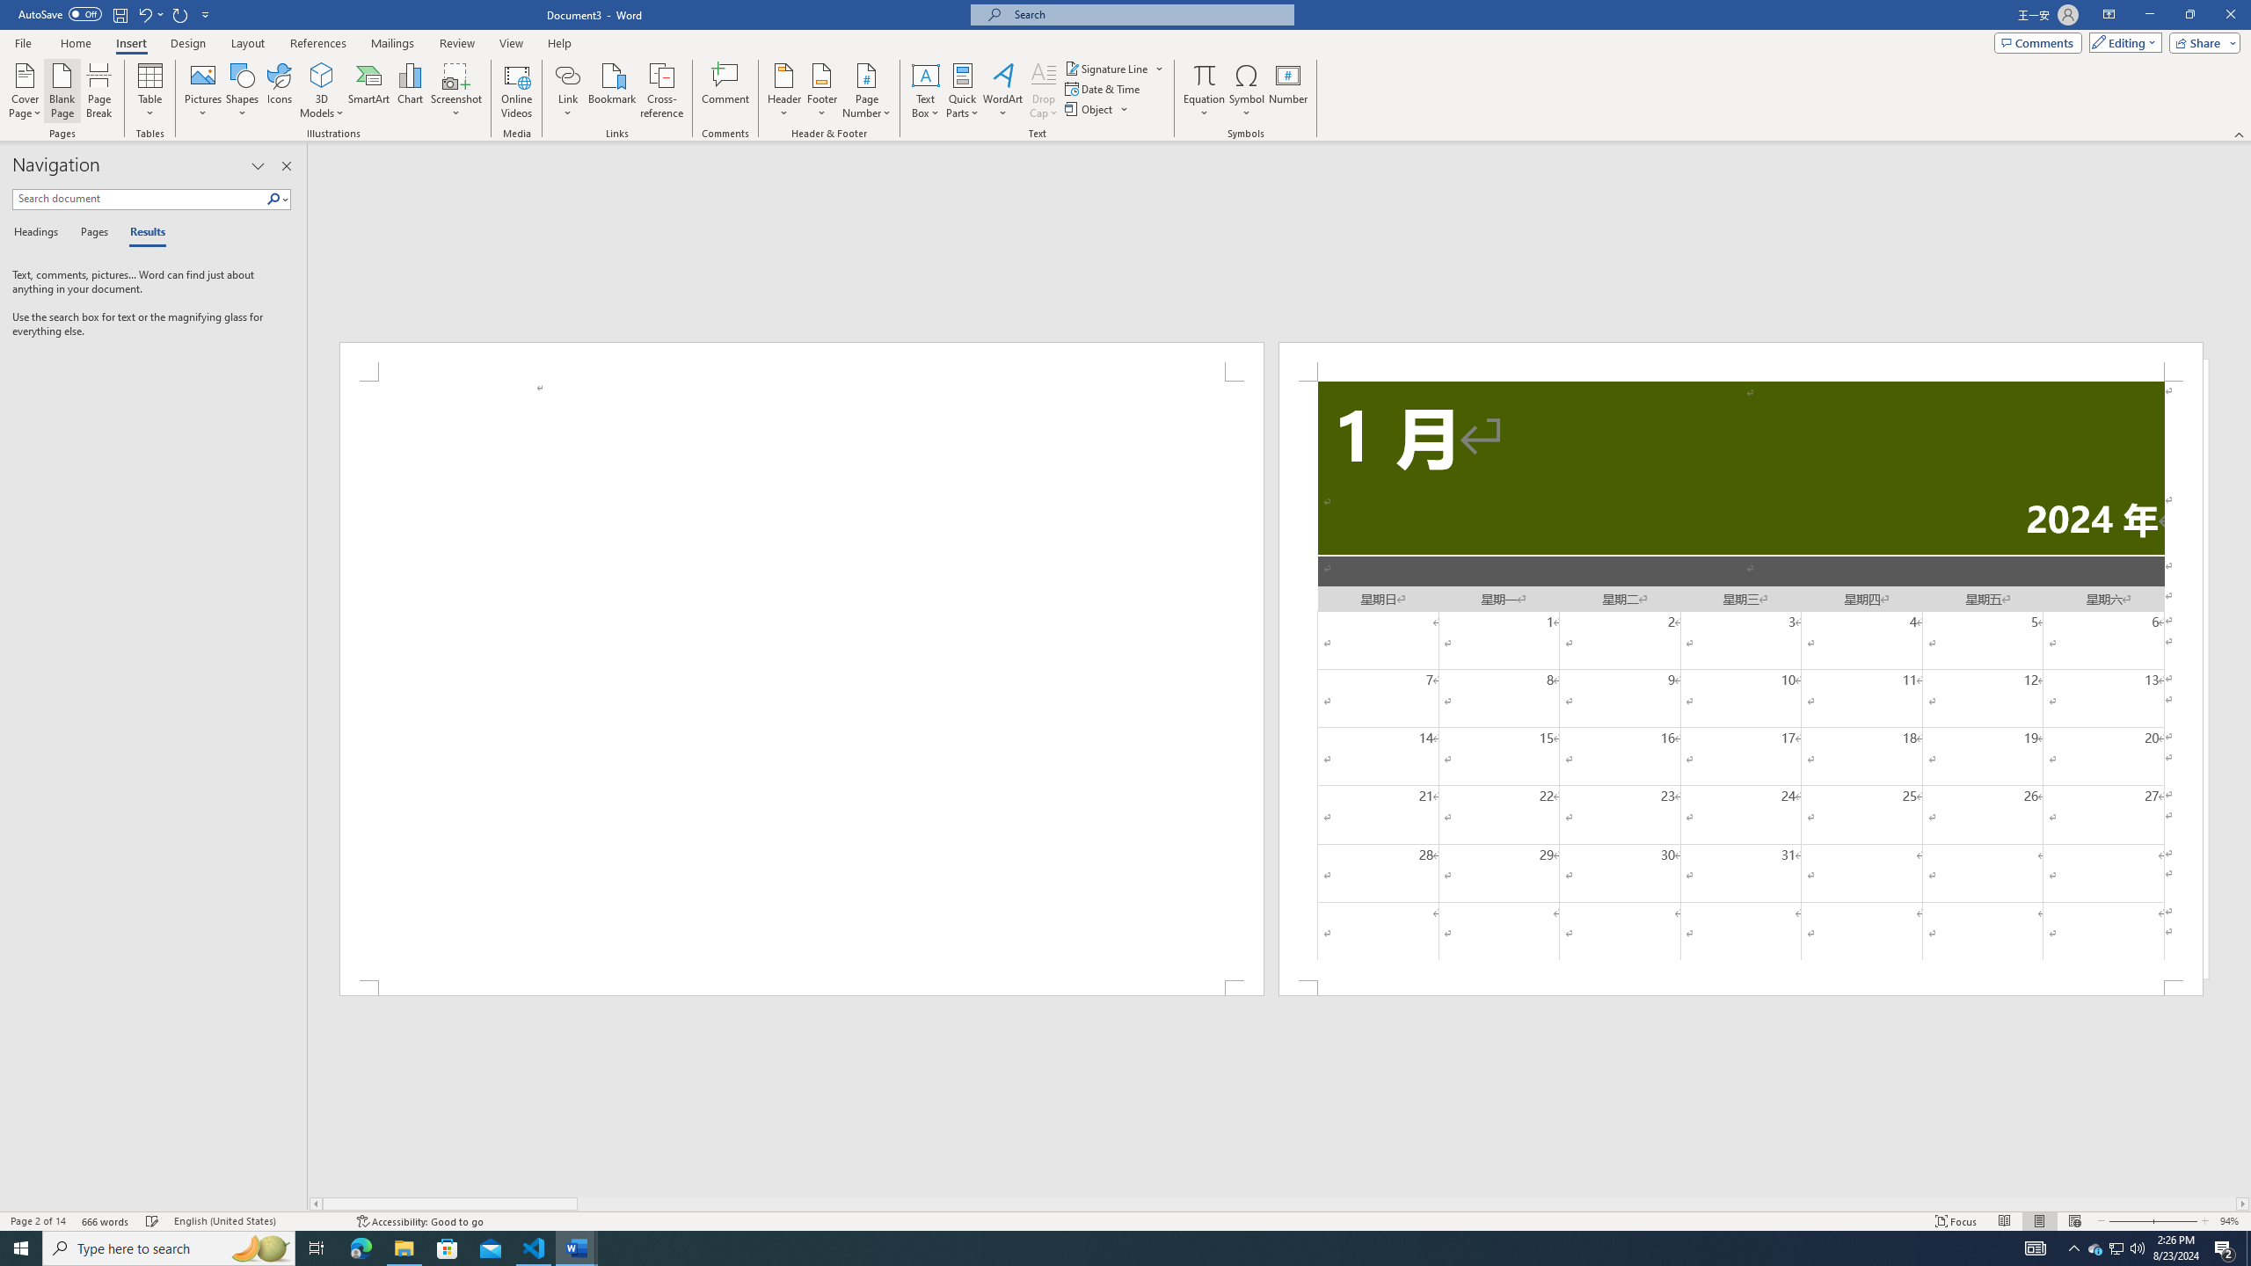 Image resolution: width=2251 pixels, height=1266 pixels. Describe the element at coordinates (820, 91) in the screenshot. I see `'Footer'` at that location.